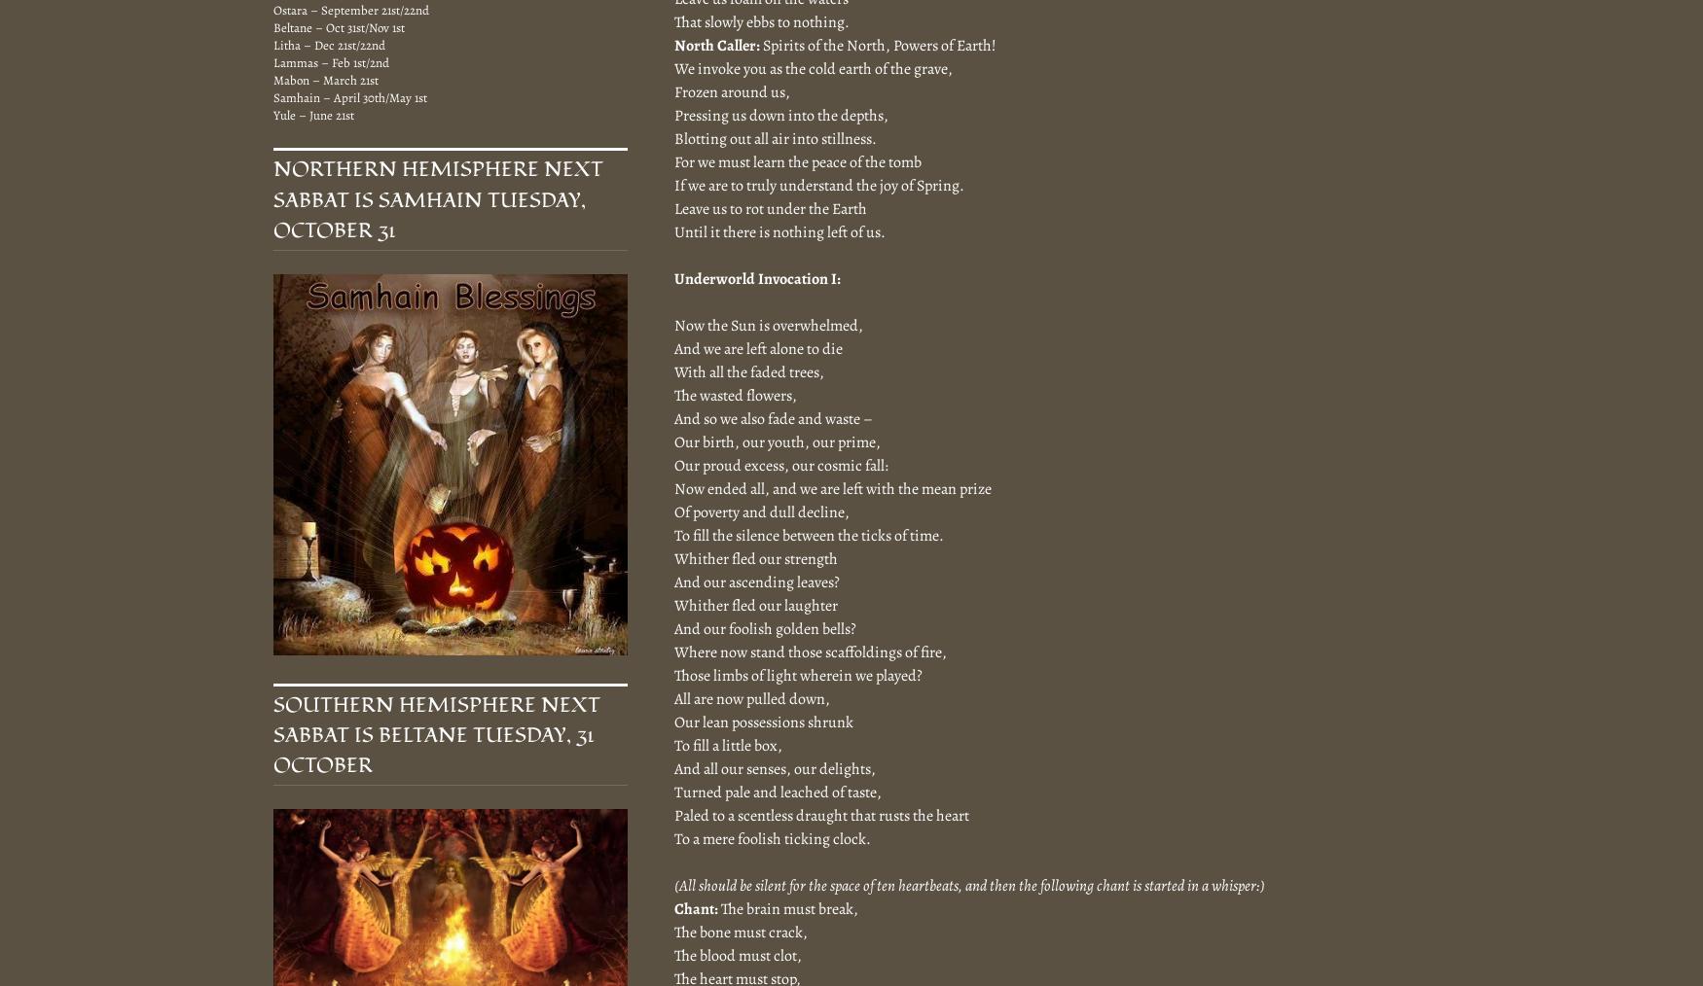 The image size is (1703, 986). Describe the element at coordinates (777, 792) in the screenshot. I see `'Turned pale and leached of taste,'` at that location.